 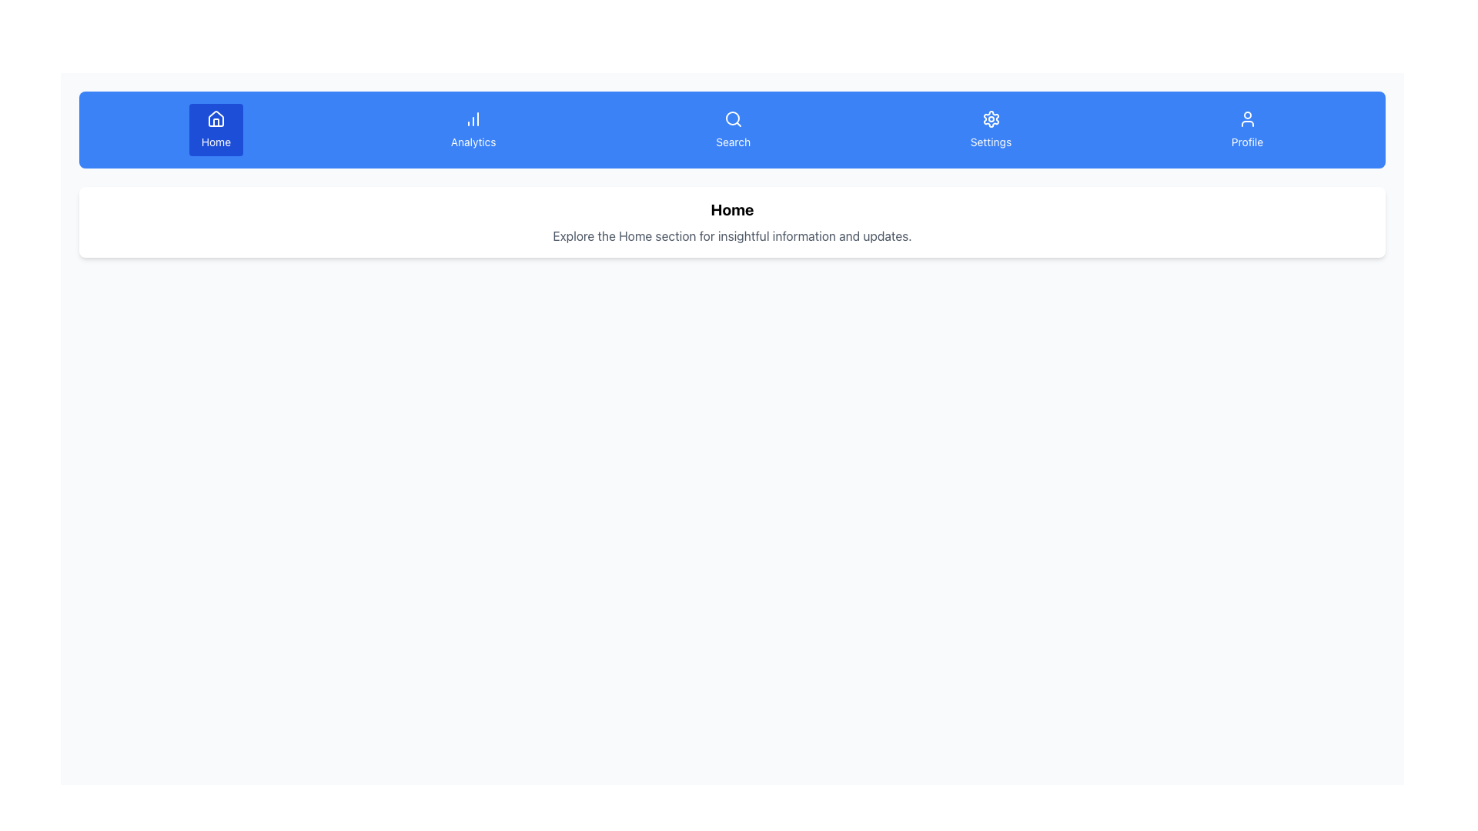 What do you see at coordinates (991, 118) in the screenshot?
I see `the gear-shaped settings icon located in the fourth position of the horizontal navigation bar, which has a blue background and is visually centered within its button` at bounding box center [991, 118].